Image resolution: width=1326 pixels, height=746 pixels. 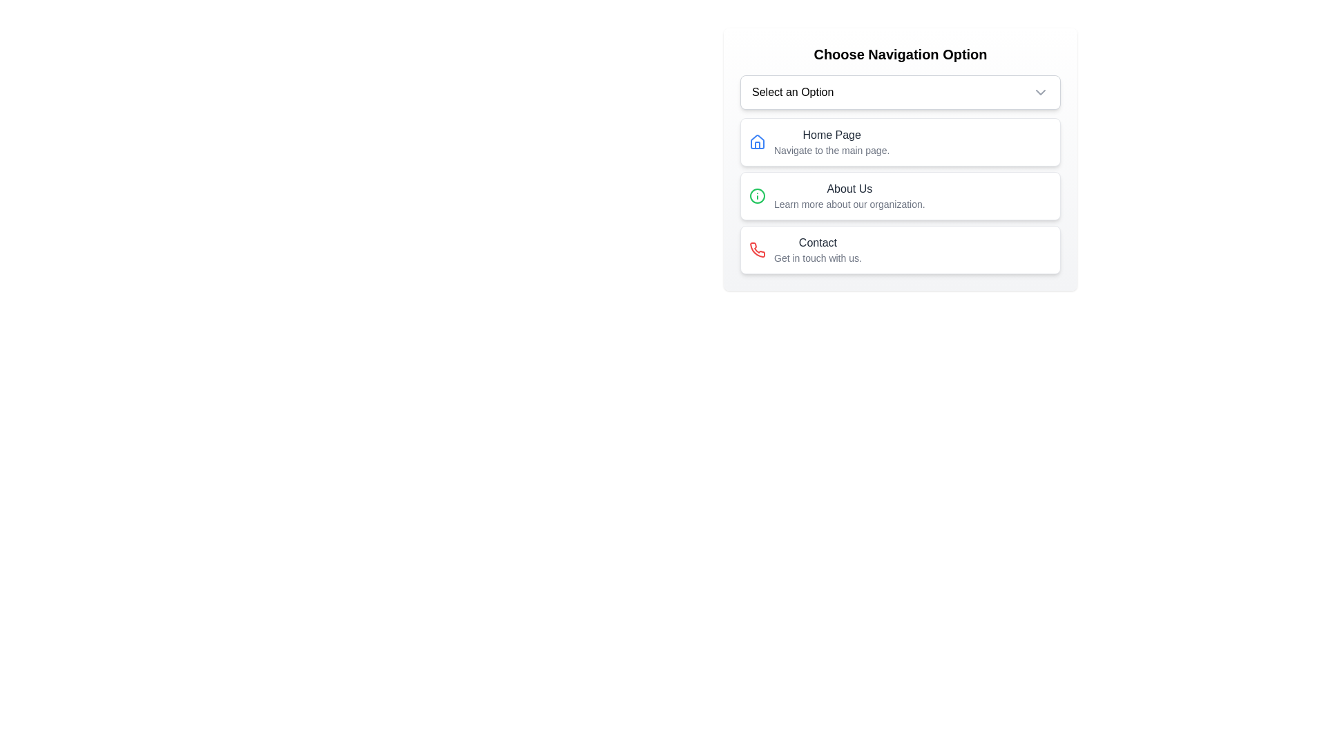 What do you see at coordinates (831, 151) in the screenshot?
I see `the descriptive text label located directly below the 'Home Page' navigation option` at bounding box center [831, 151].